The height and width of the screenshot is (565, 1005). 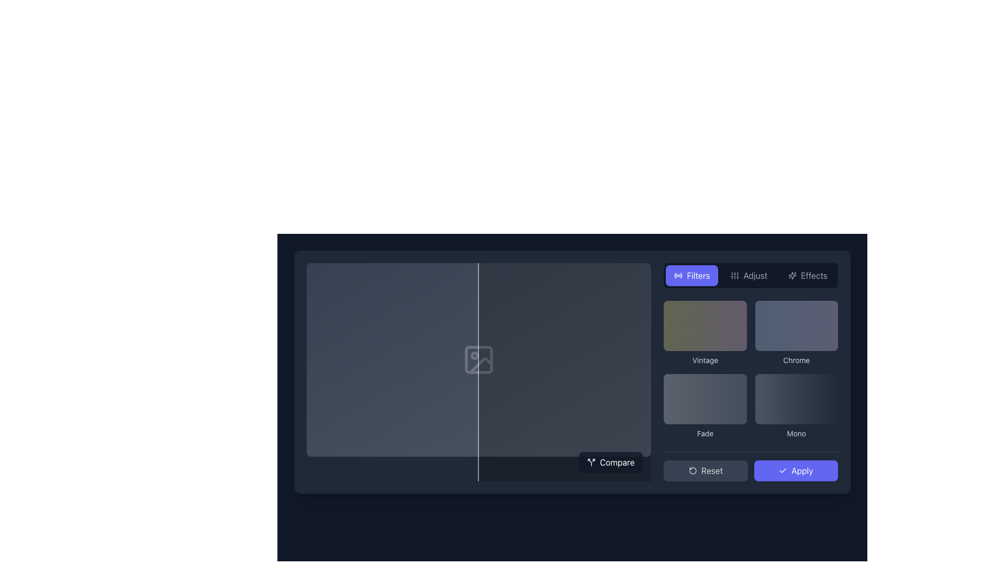 What do you see at coordinates (706, 470) in the screenshot?
I see `the 'Reset' button, which has a dark gray background and light gray text` at bounding box center [706, 470].